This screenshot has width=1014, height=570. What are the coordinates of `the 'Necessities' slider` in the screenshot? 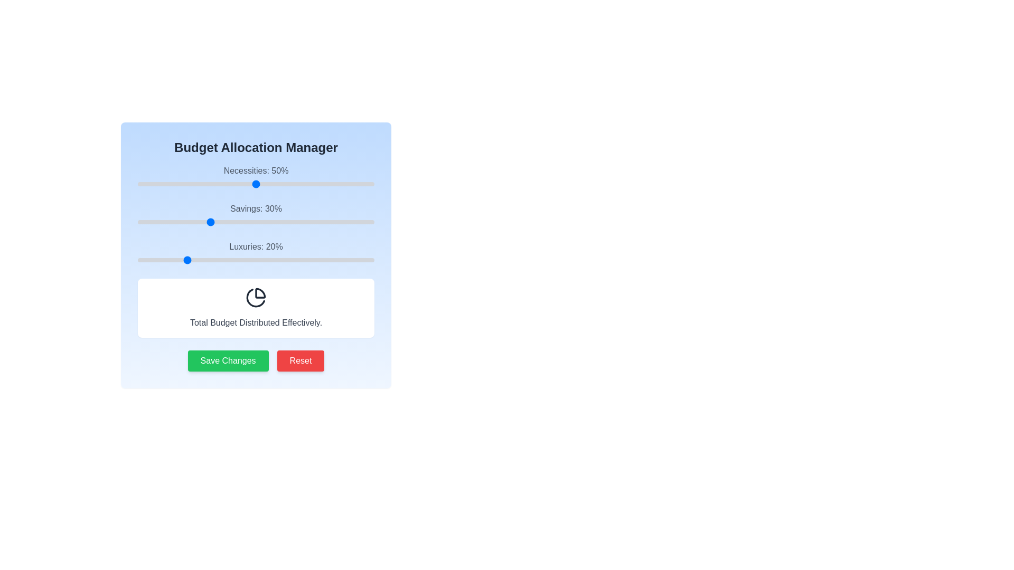 It's located at (213, 183).